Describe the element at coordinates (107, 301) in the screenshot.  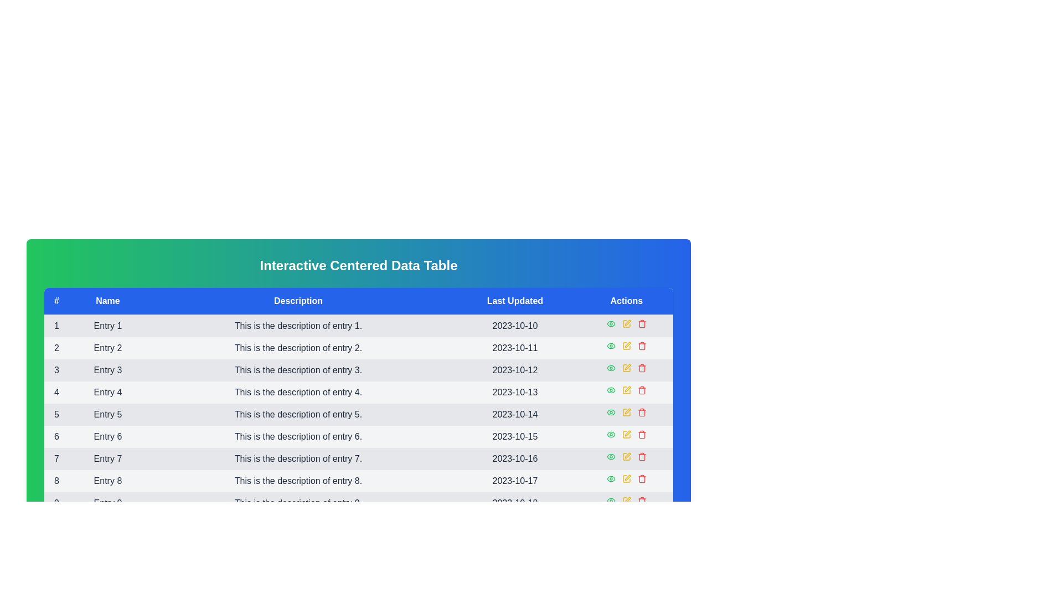
I see `the column header to sort the data by Name` at that location.